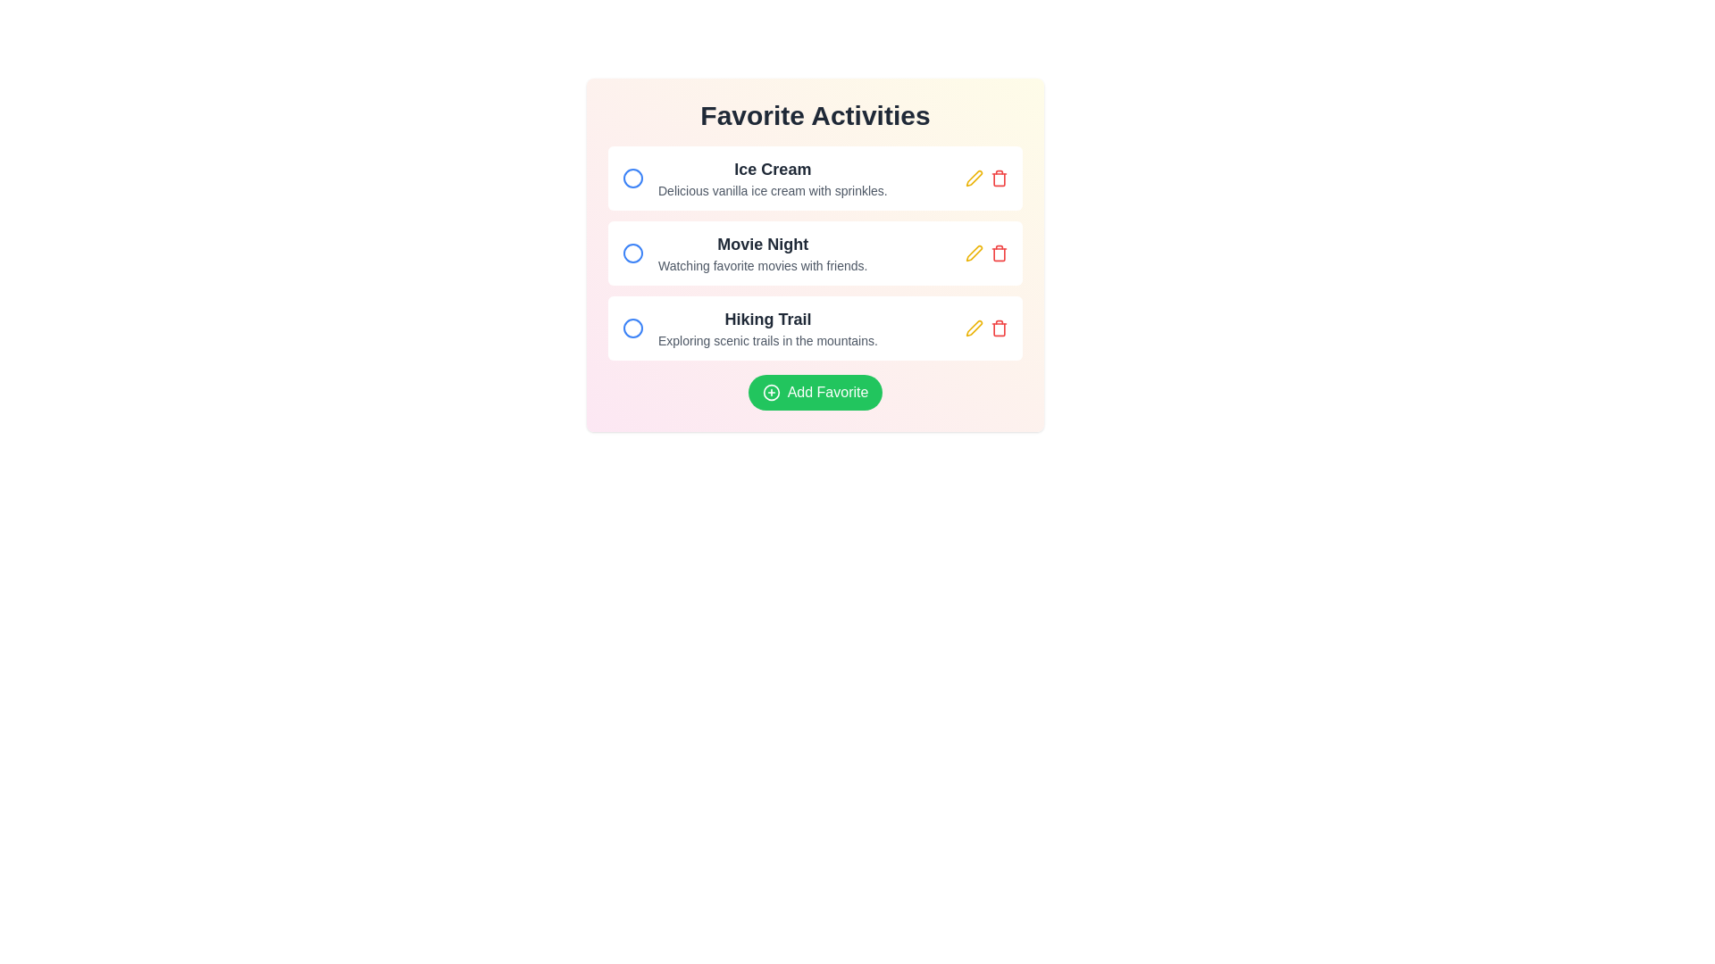  What do you see at coordinates (633, 328) in the screenshot?
I see `the blue circular icon with a thin border that represents the 'Hiking Trail' in the 'Favorite Activities' list` at bounding box center [633, 328].